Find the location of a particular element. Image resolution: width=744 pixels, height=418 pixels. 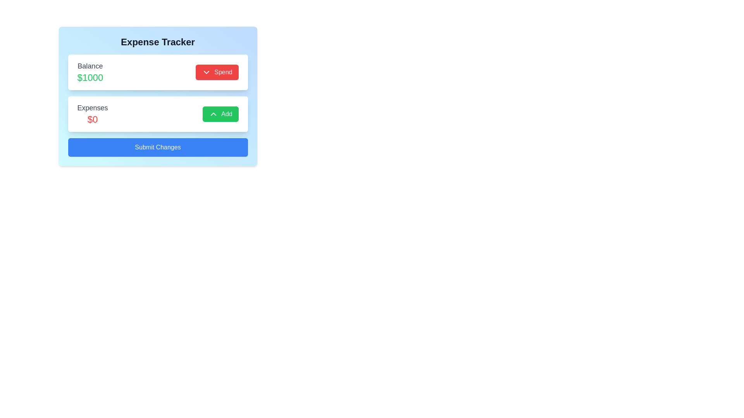

the 'Submit Changes' button, which is a bright blue rectangular button with rounded edges and white text is located at coordinates (157, 147).